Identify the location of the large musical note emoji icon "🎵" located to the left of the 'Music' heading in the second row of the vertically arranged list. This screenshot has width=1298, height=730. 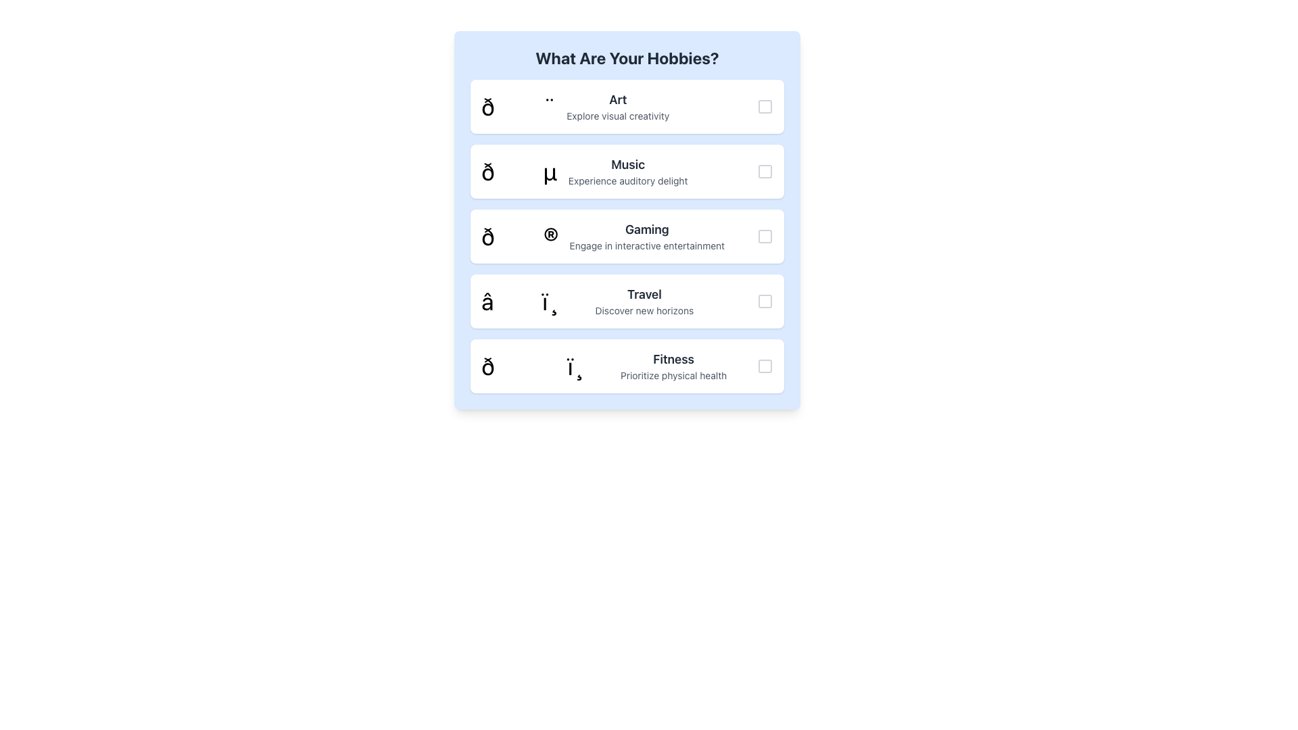
(519, 171).